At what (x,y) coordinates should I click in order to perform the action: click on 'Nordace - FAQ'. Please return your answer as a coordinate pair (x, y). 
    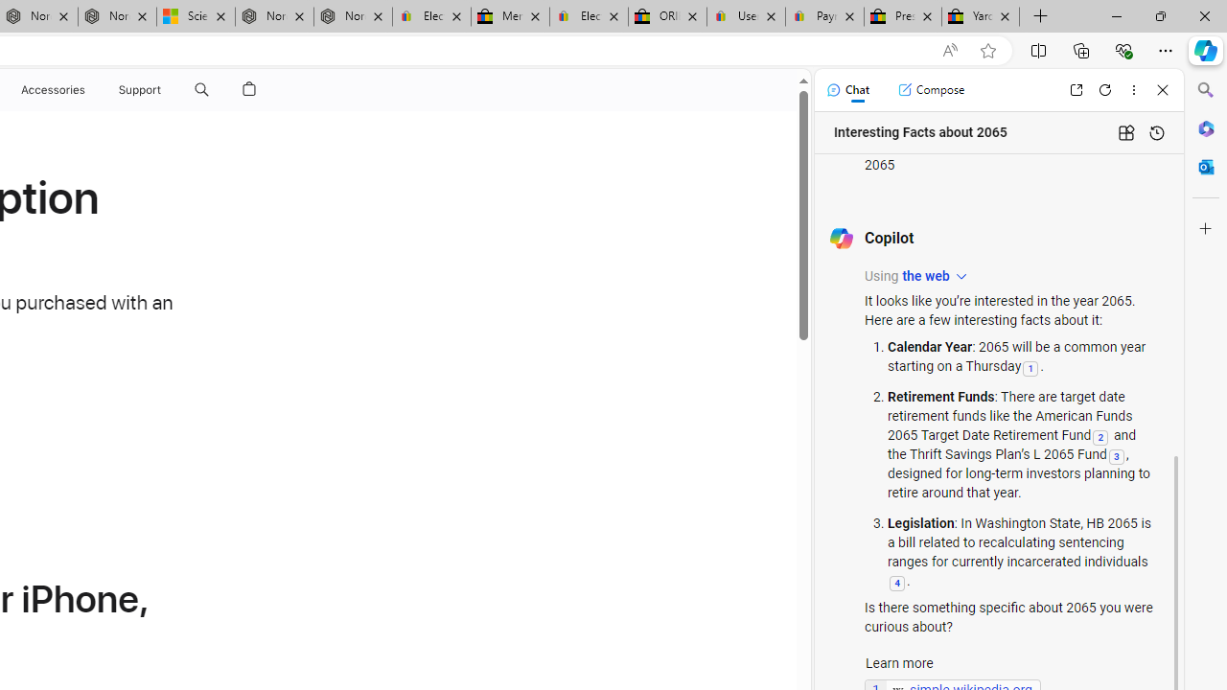
    Looking at the image, I should click on (353, 16).